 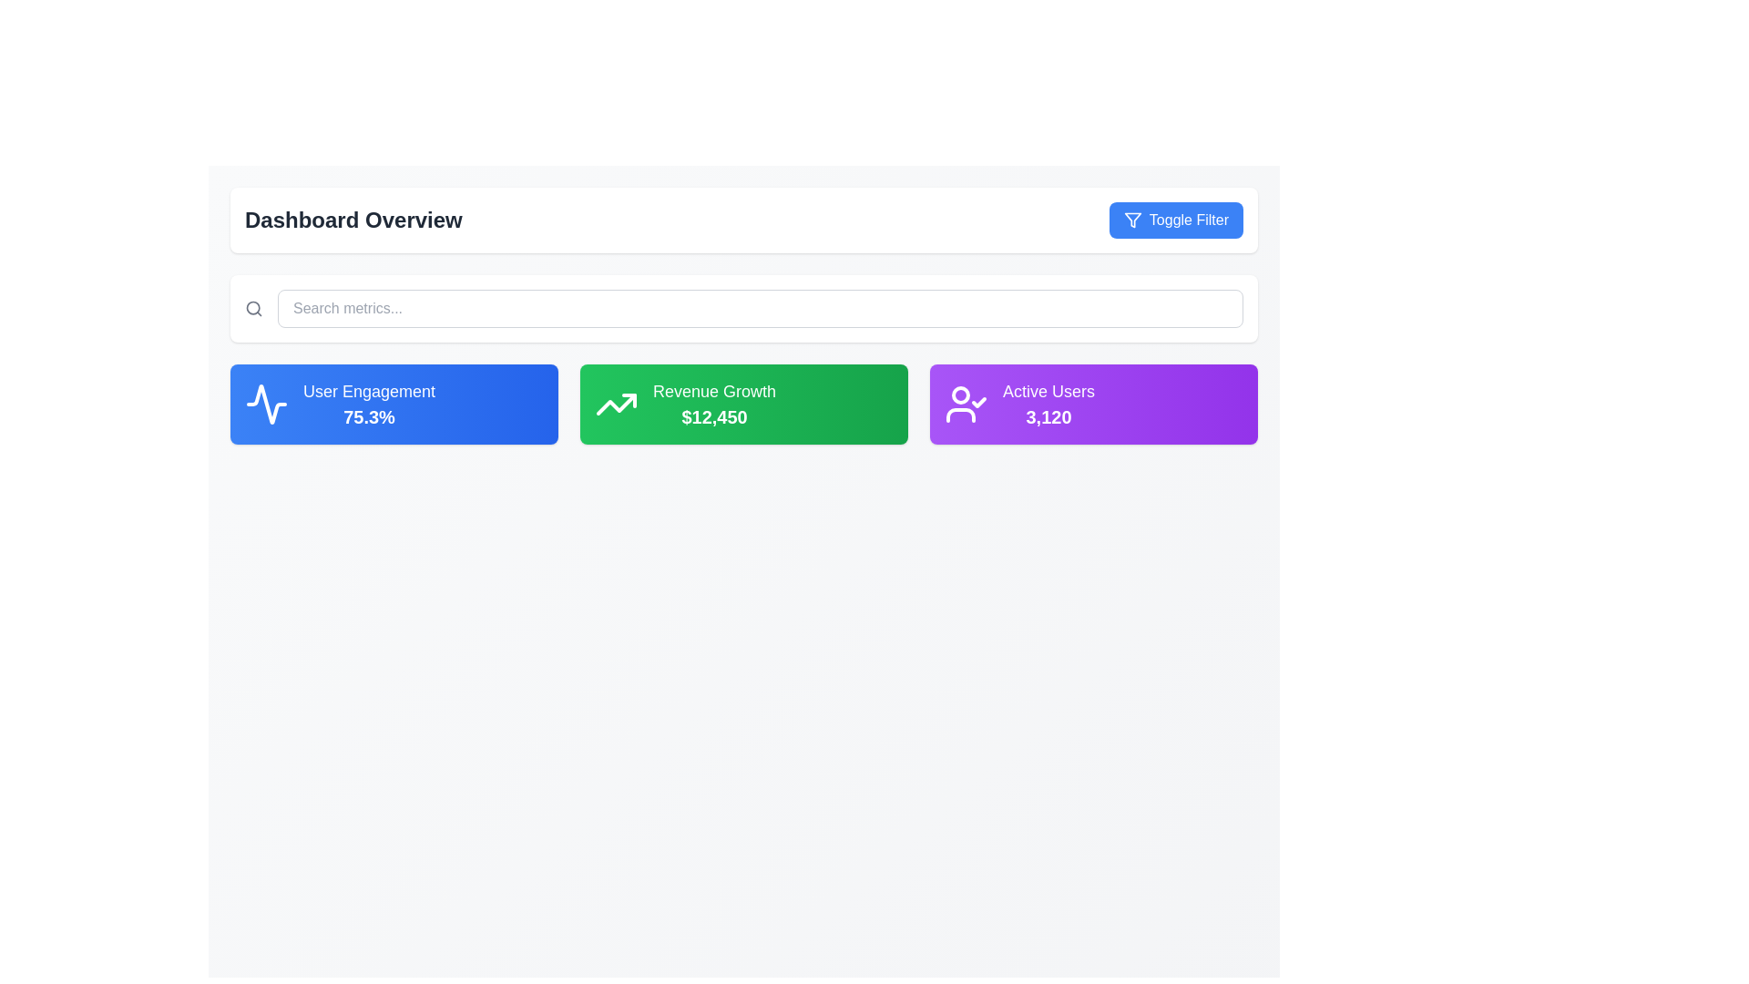 What do you see at coordinates (960, 395) in the screenshot?
I see `the SVG Circle element that serves as a decorative or informative visual subcomponent within the user icon, located near the top-left portion of the SVG` at bounding box center [960, 395].